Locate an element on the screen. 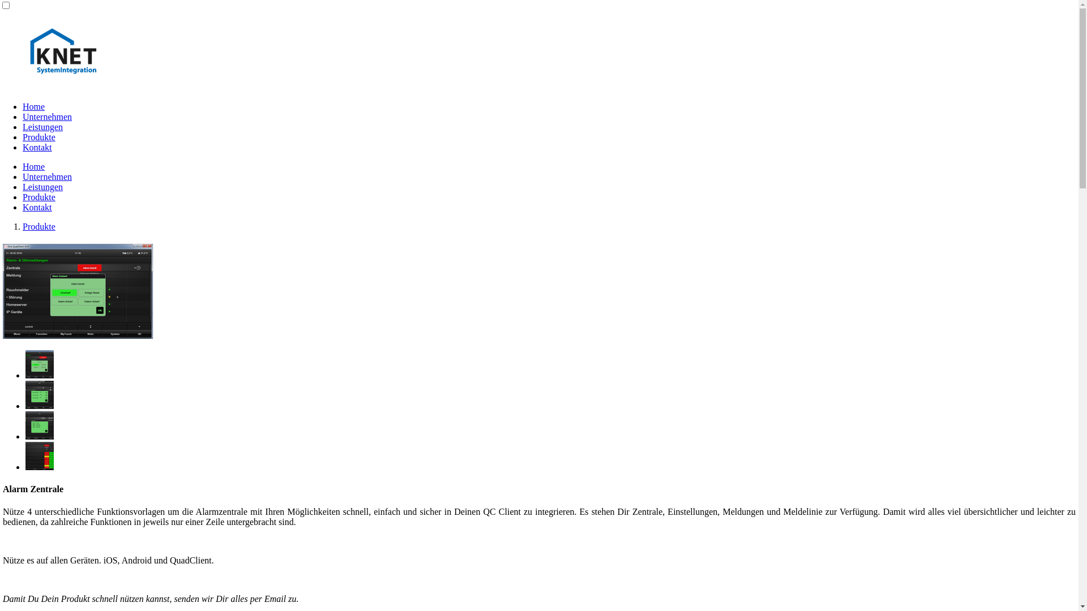 This screenshot has height=611, width=1087. 'Kontakt' is located at coordinates (22, 207).